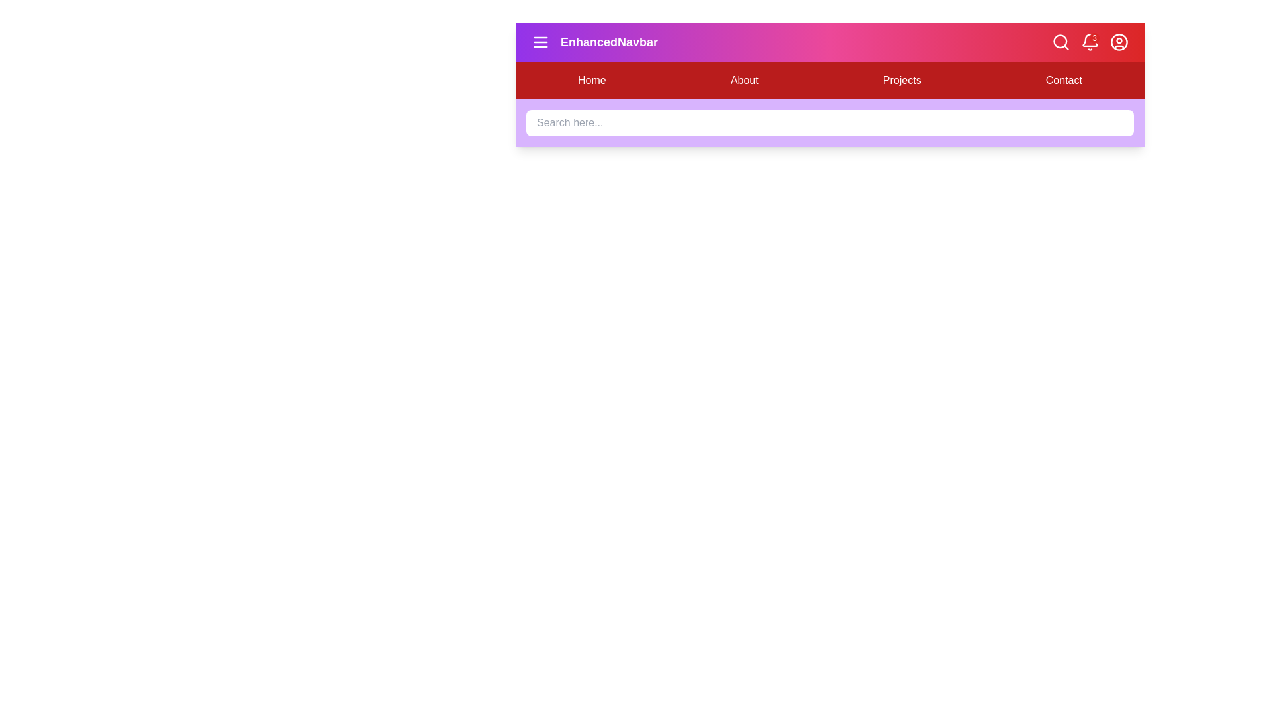 This screenshot has width=1271, height=715. Describe the element at coordinates (590, 81) in the screenshot. I see `the navigation link Home` at that location.